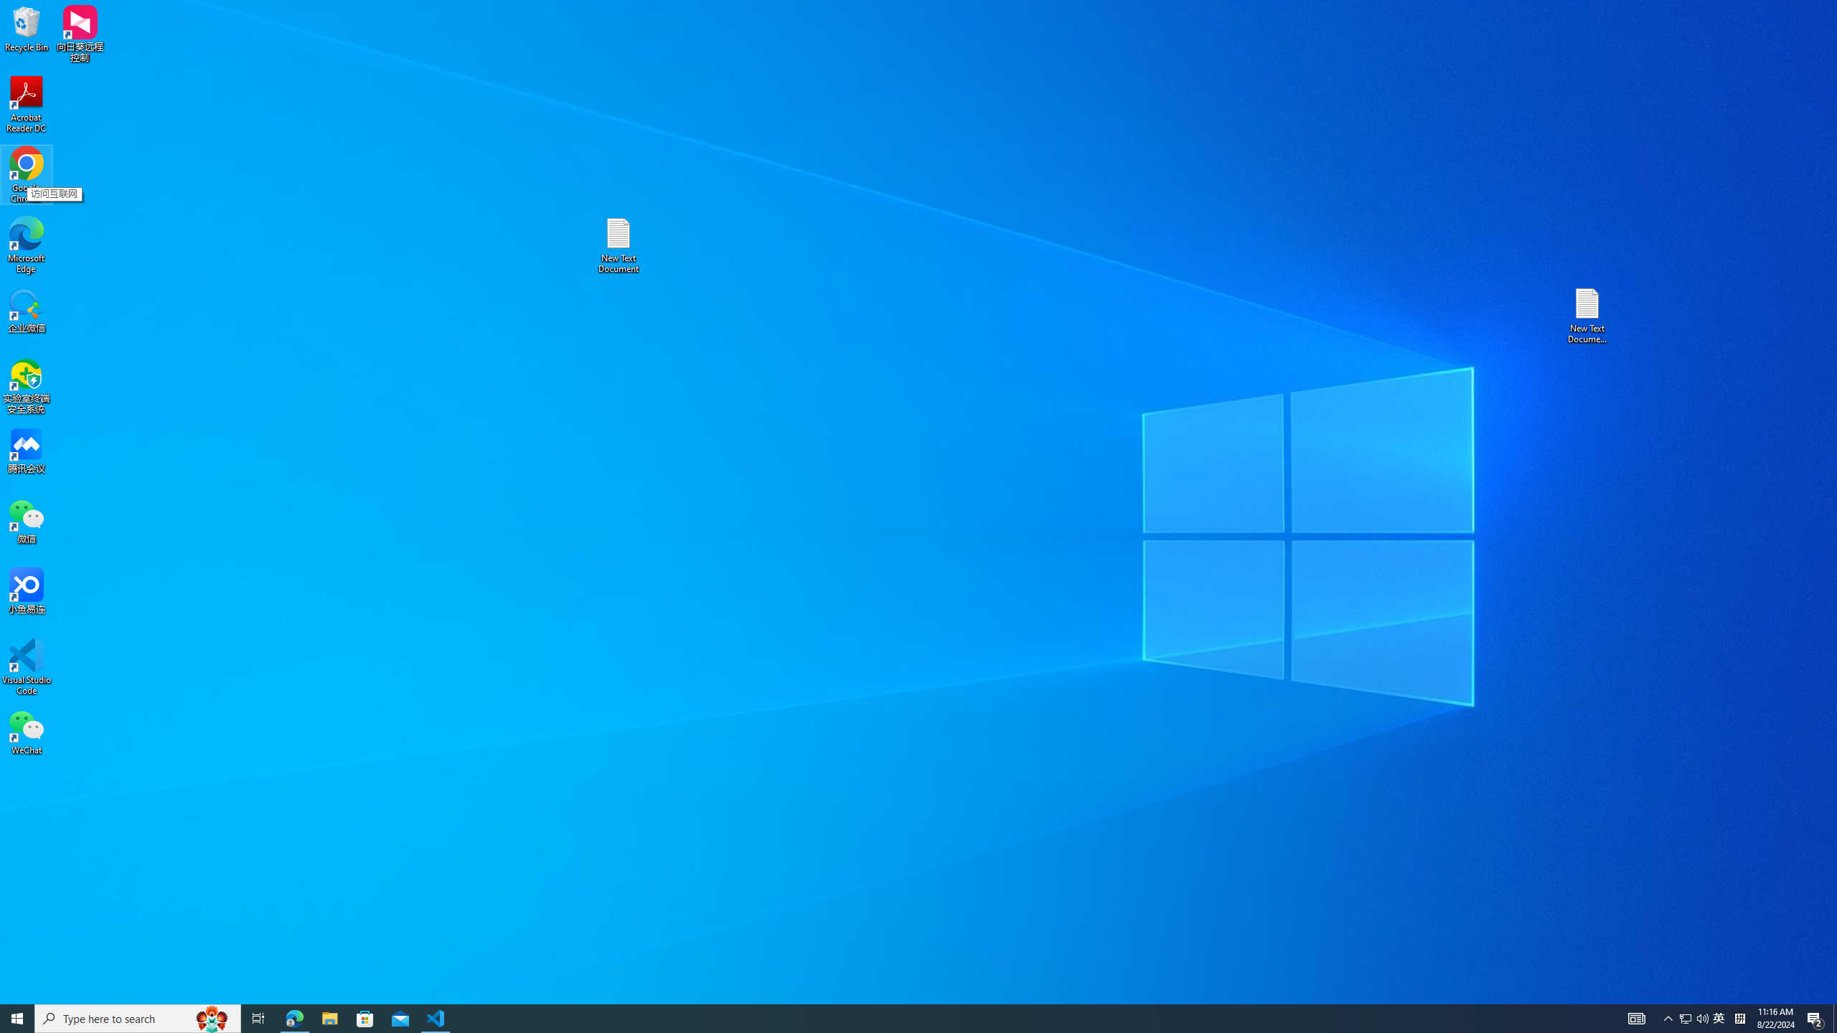  Describe the element at coordinates (1739, 1017) in the screenshot. I see `'Tray Input Indicator - Chinese (Simplified, China)'` at that location.